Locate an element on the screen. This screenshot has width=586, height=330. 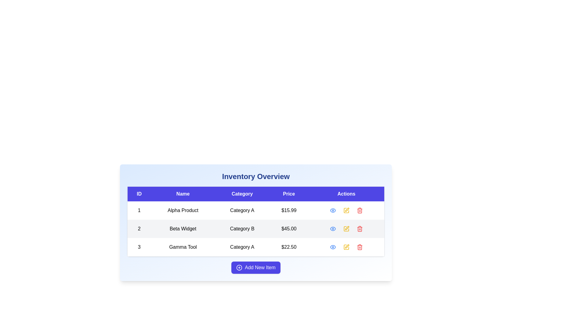
value of the 'ID' text label located in the first column of the table row, which serves as the unique identifier for the associated data is located at coordinates (139, 210).